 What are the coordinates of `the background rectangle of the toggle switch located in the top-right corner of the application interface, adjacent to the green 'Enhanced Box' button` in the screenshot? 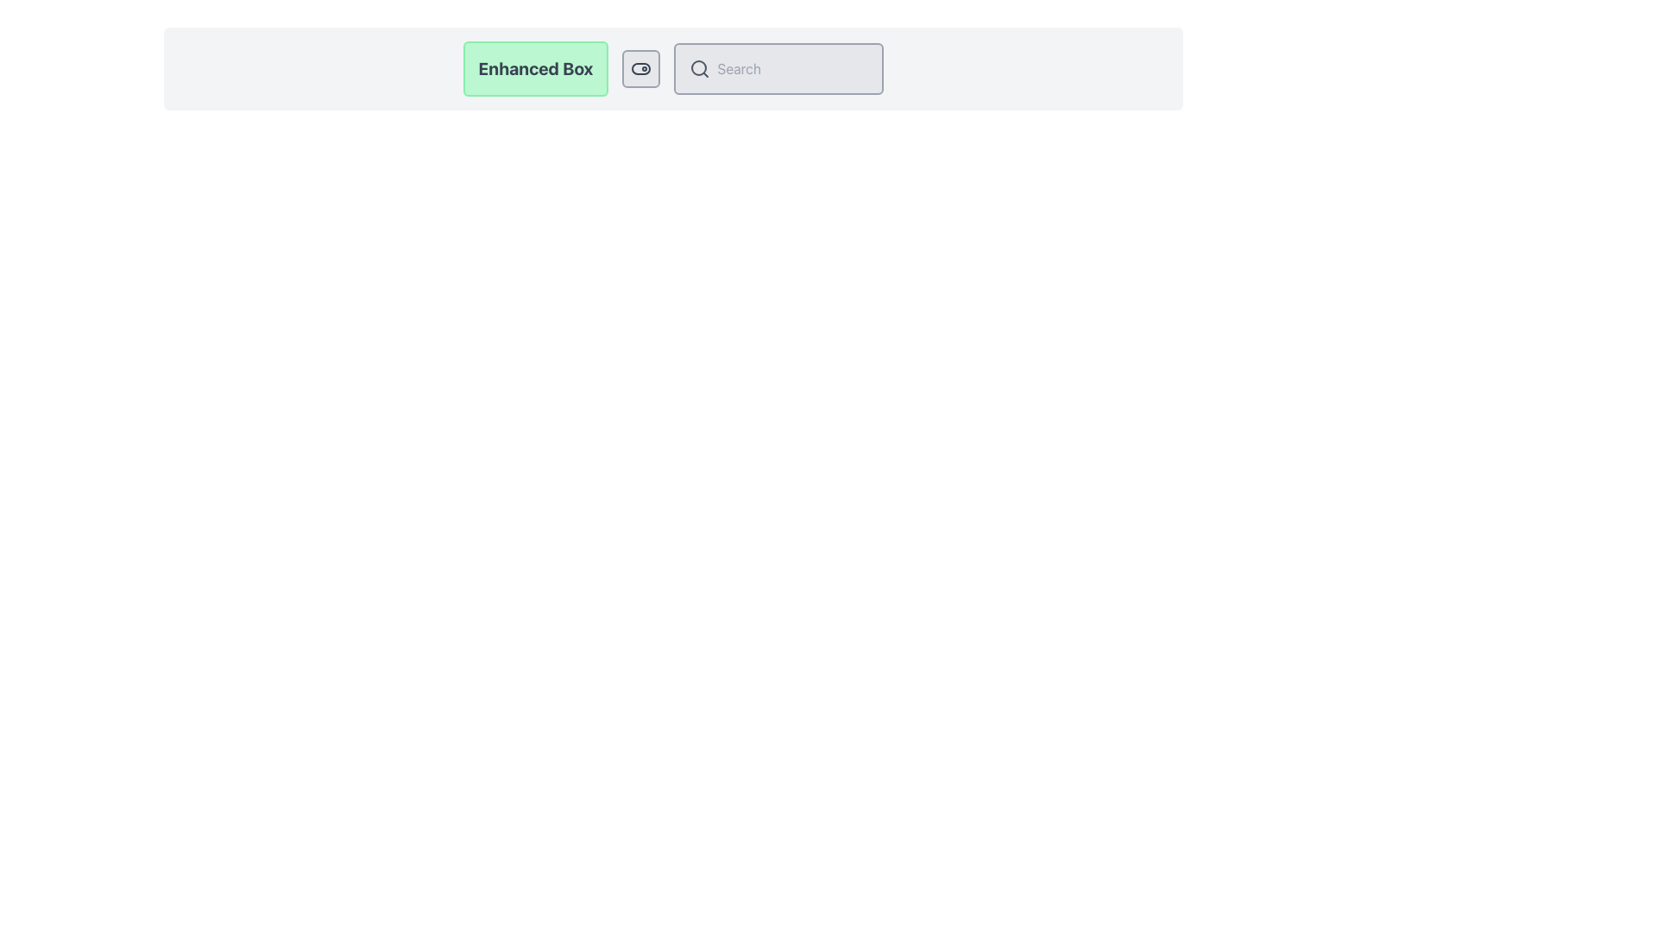 It's located at (640, 68).